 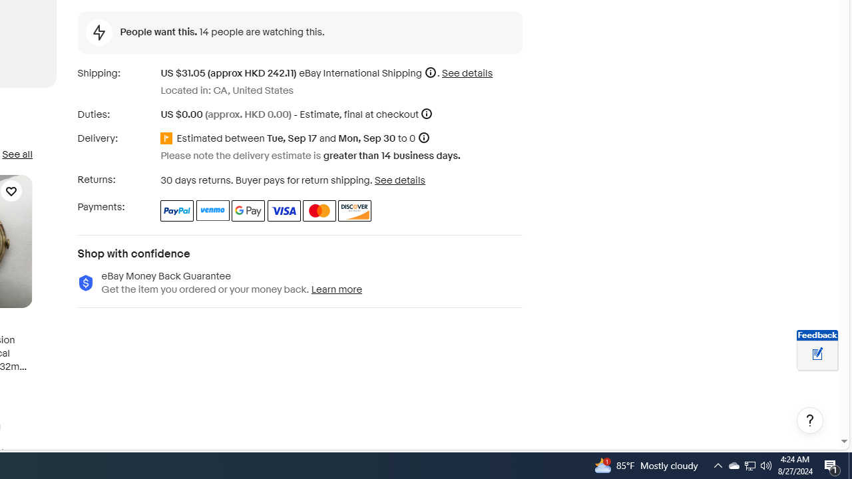 What do you see at coordinates (399, 180) in the screenshot?
I see `'See details - for more information about returns'` at bounding box center [399, 180].